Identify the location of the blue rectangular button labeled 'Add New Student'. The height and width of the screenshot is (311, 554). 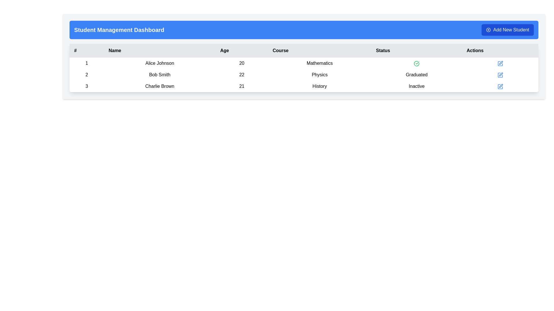
(507, 30).